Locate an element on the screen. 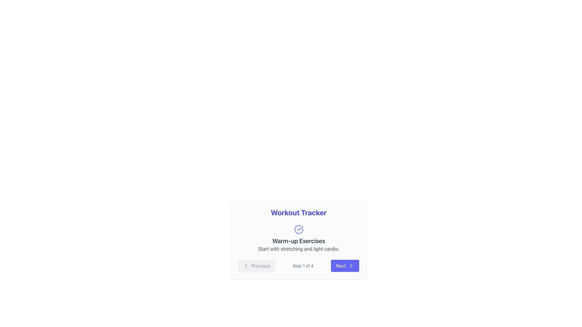 The height and width of the screenshot is (327, 582). text from the text block that informs the user about the current step of the workout routine related to warm-up exercises, which is located below the 'Workout Tracker' heading and above the navigation controls is located at coordinates (299, 238).